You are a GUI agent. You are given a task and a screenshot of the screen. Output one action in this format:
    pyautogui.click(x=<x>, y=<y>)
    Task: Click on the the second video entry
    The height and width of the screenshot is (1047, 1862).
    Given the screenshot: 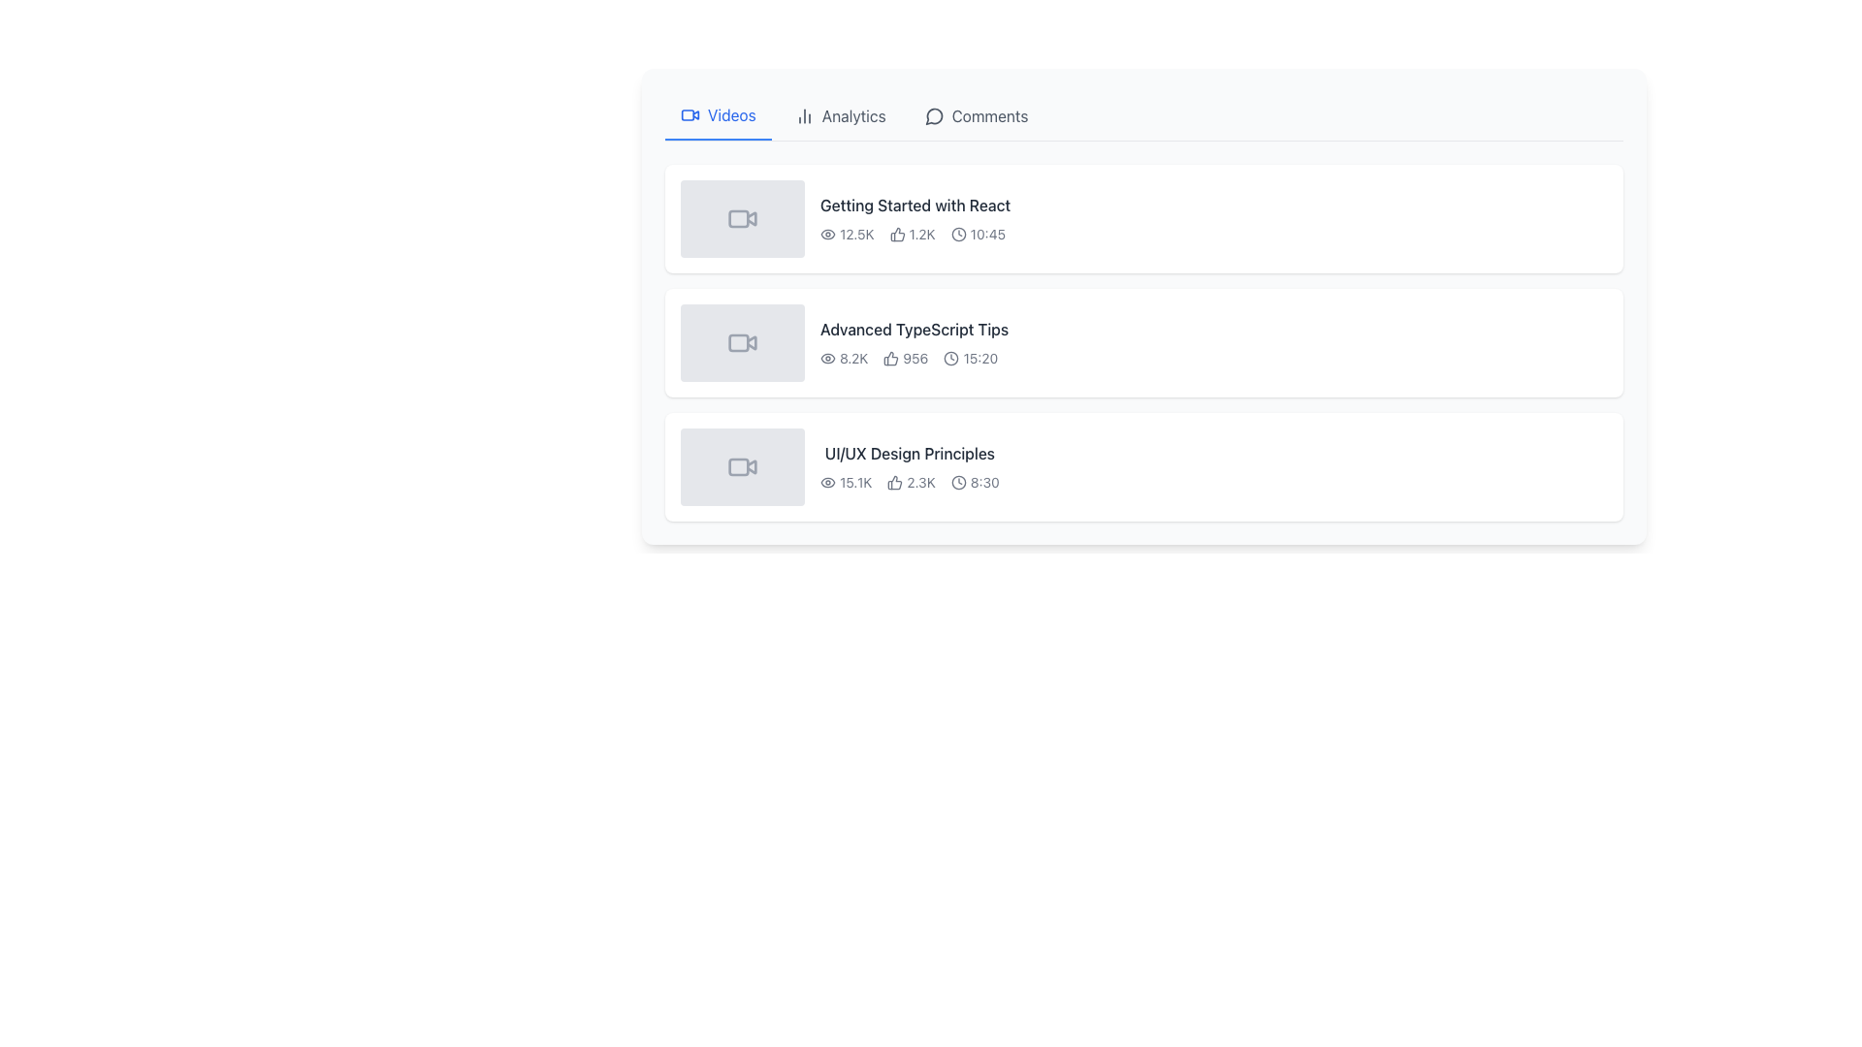 What is the action you would take?
    pyautogui.click(x=844, y=342)
    